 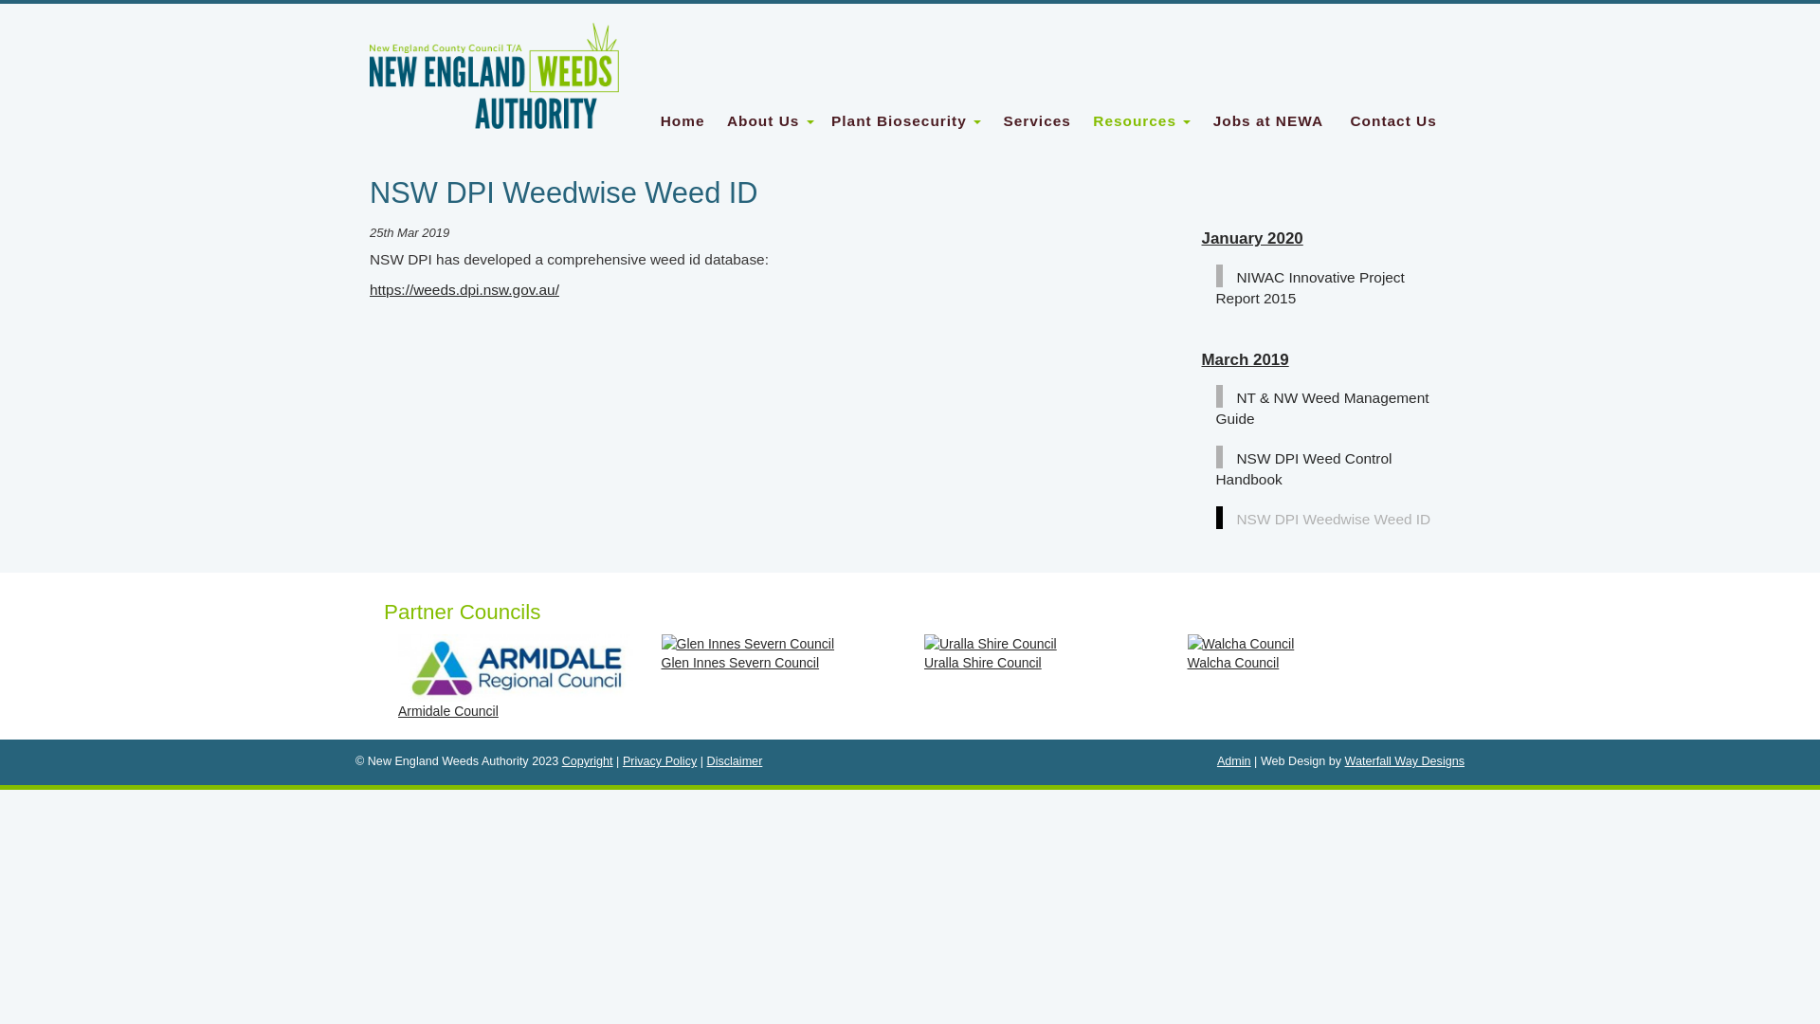 I want to click on 'Jobs at NEWA', so click(x=1267, y=120).